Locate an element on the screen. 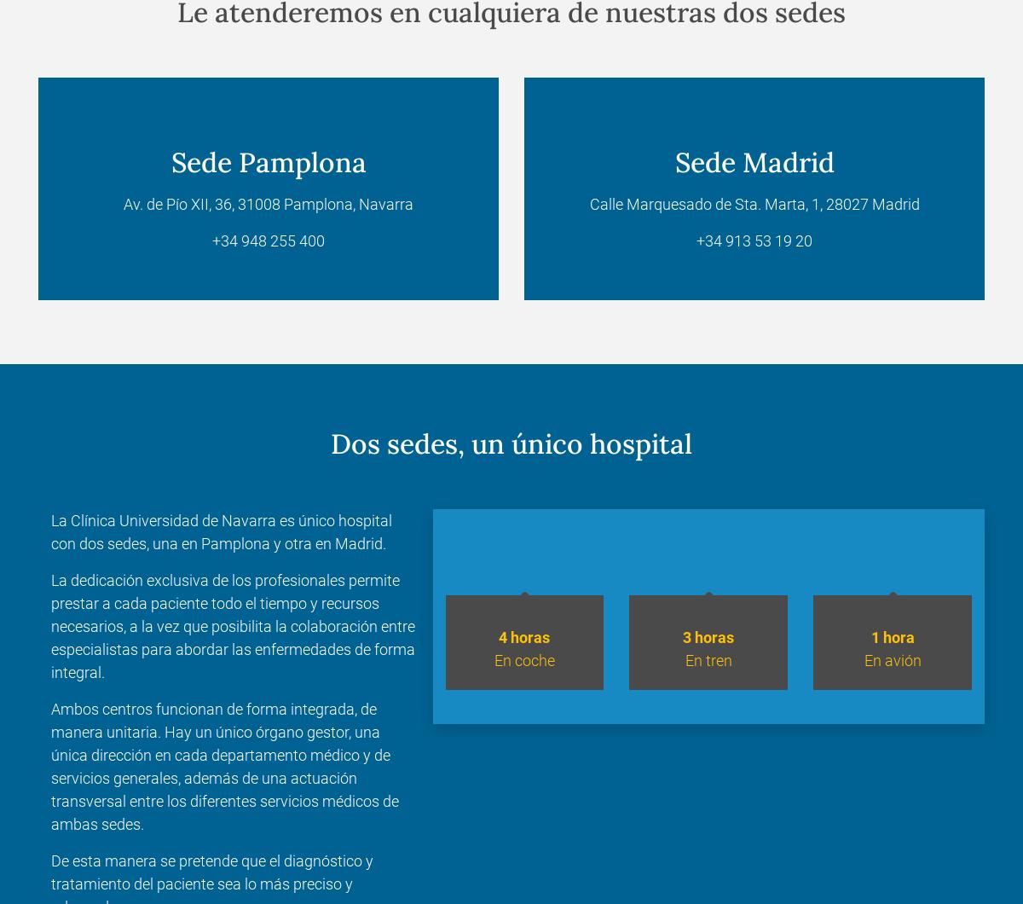 Image resolution: width=1023 pixels, height=904 pixels. '+34 913 53 19 20' is located at coordinates (754, 240).